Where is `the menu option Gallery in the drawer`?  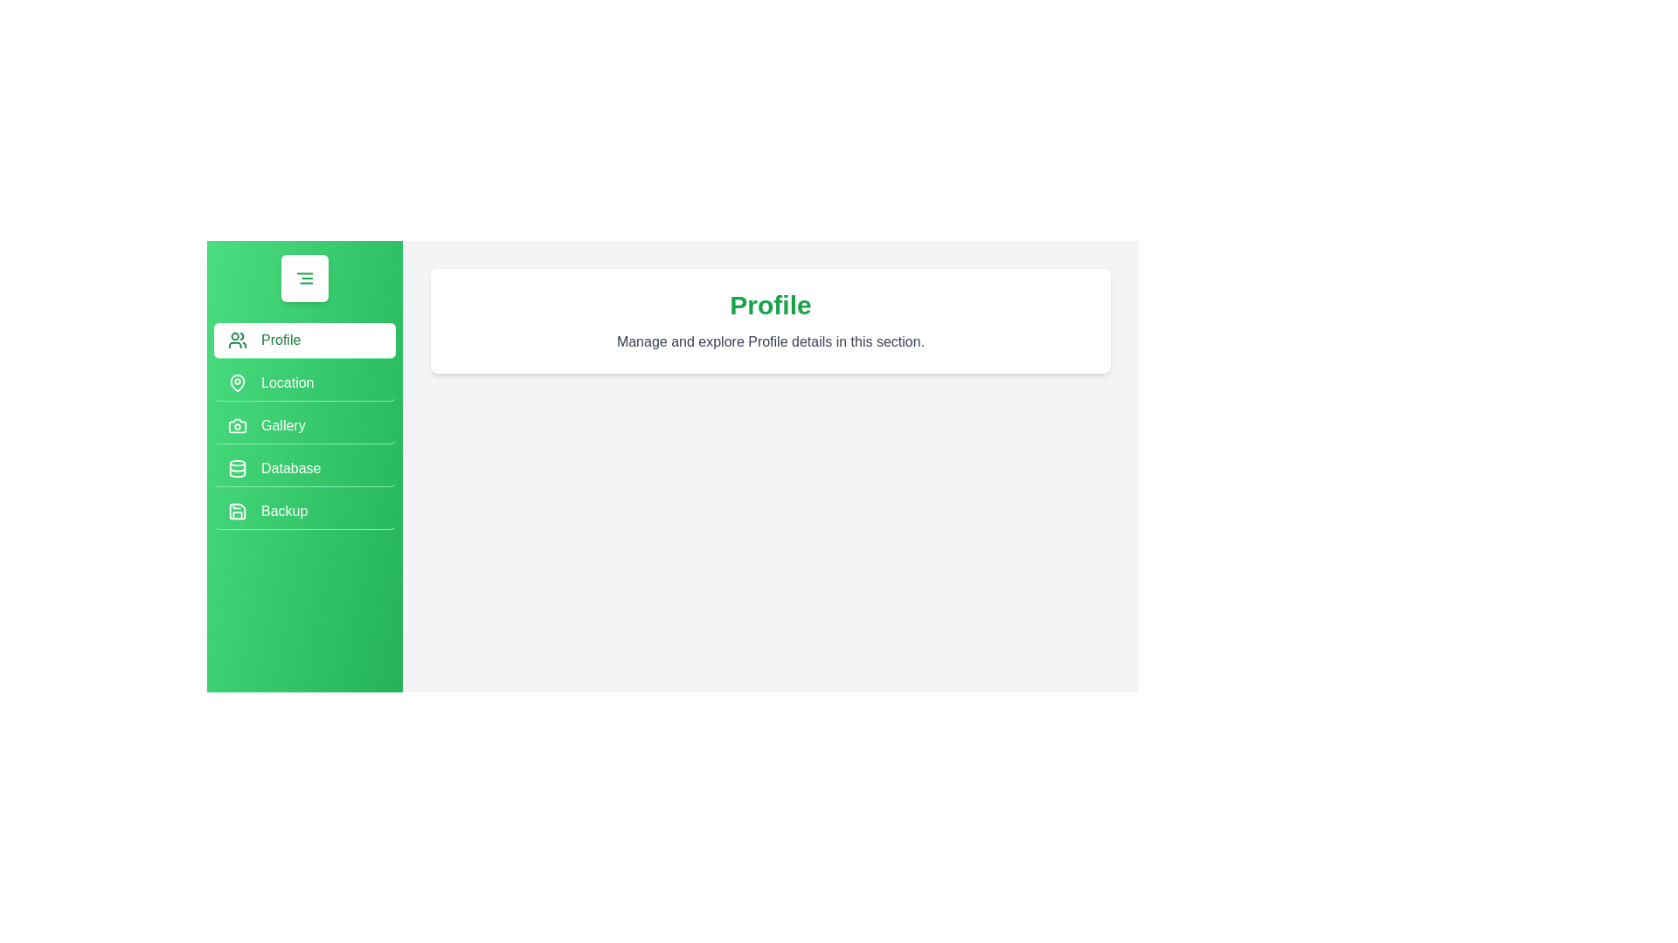 the menu option Gallery in the drawer is located at coordinates (305, 426).